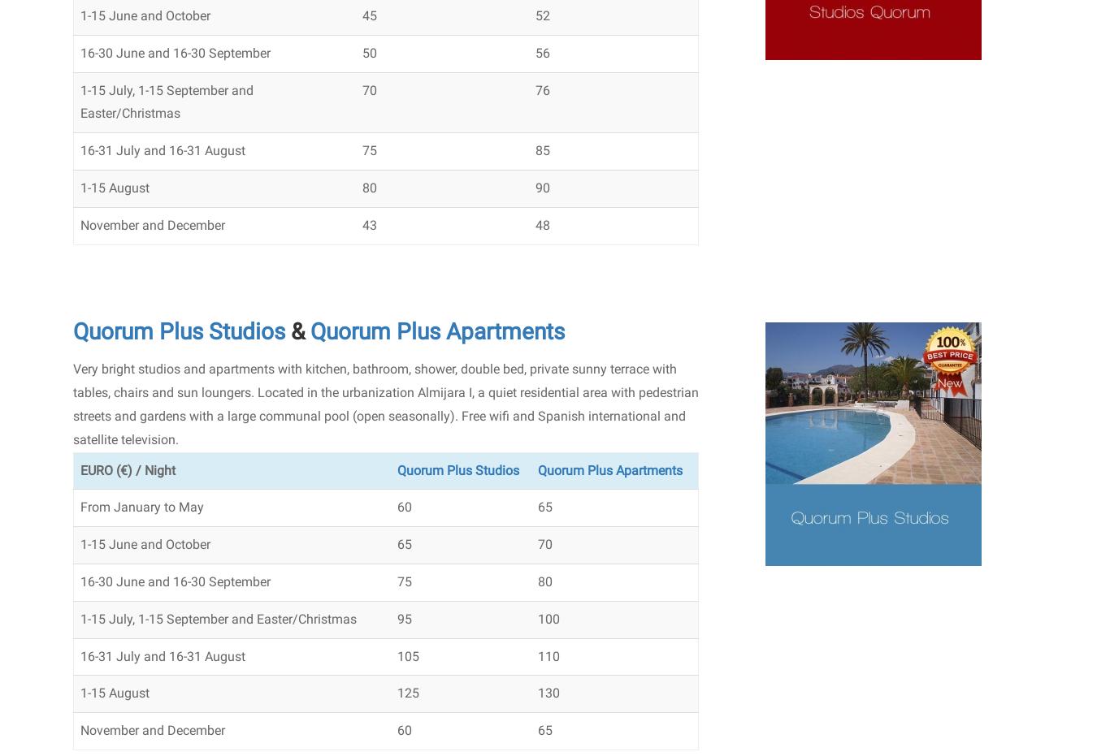  Describe the element at coordinates (548, 618) in the screenshot. I see `'100'` at that location.